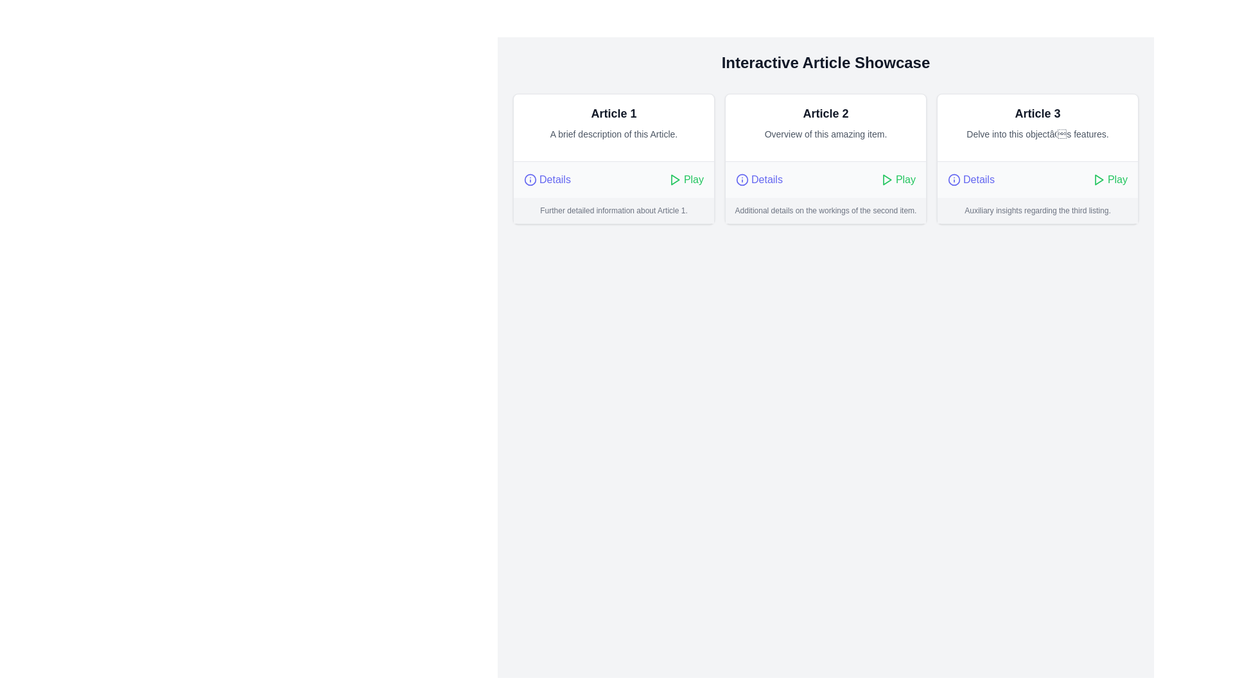 The width and height of the screenshot is (1233, 694). Describe the element at coordinates (767, 180) in the screenshot. I see `the 'Details' text link styled in blue, which is positioned to the right of the information icon for the second article` at that location.